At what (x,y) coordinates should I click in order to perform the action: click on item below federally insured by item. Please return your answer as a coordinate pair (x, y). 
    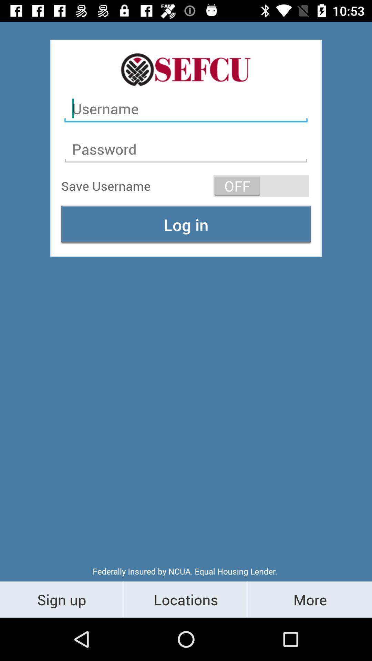
    Looking at the image, I should click on (185, 599).